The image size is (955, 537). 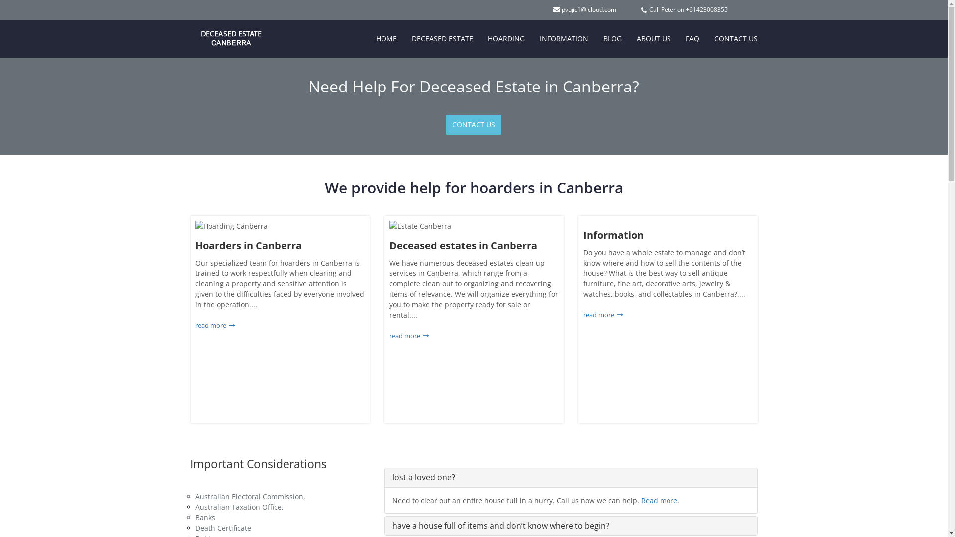 What do you see at coordinates (653, 38) in the screenshot?
I see `'ABOUT US'` at bounding box center [653, 38].